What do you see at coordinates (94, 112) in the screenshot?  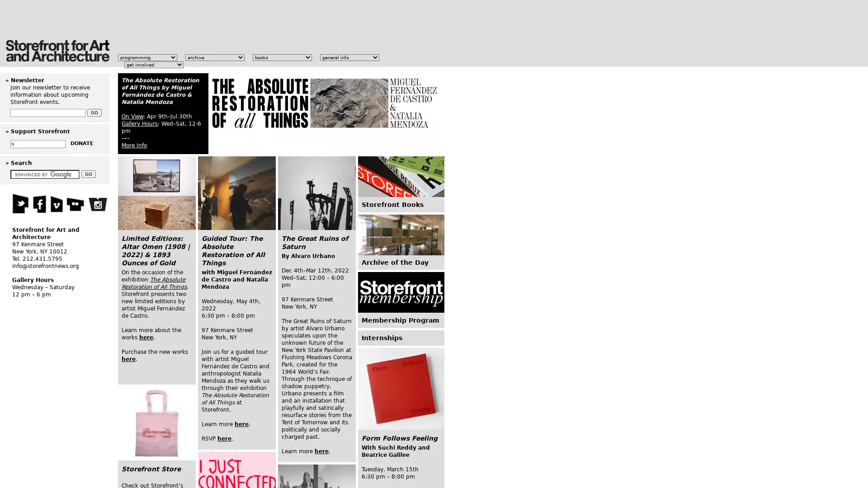 I see `GO` at bounding box center [94, 112].